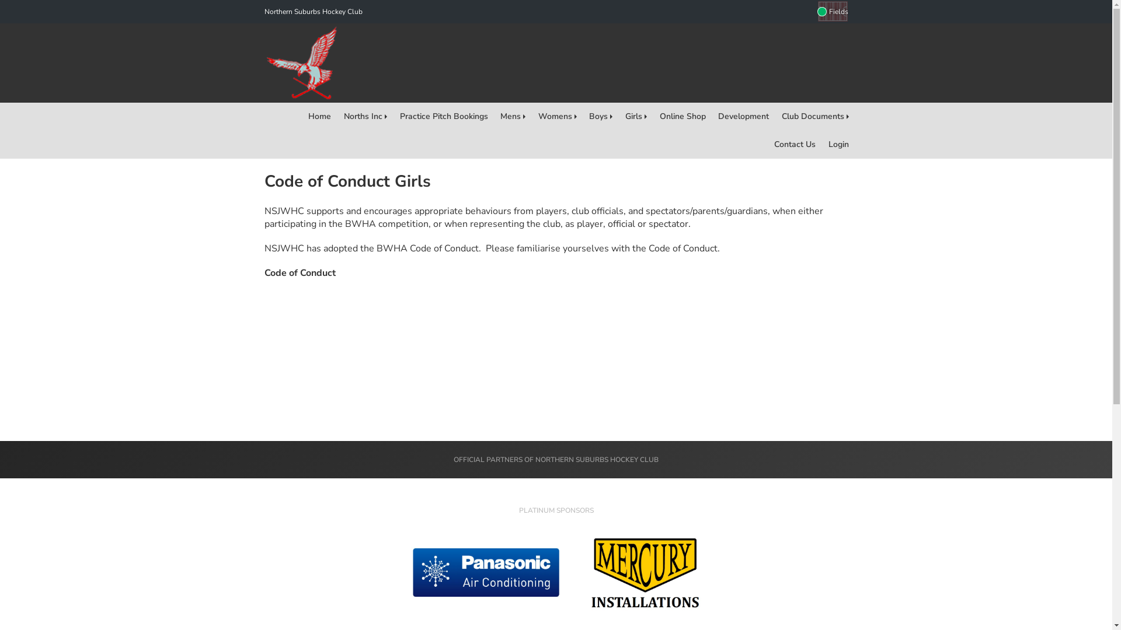  Describe the element at coordinates (821, 143) in the screenshot. I see `'Login'` at that location.